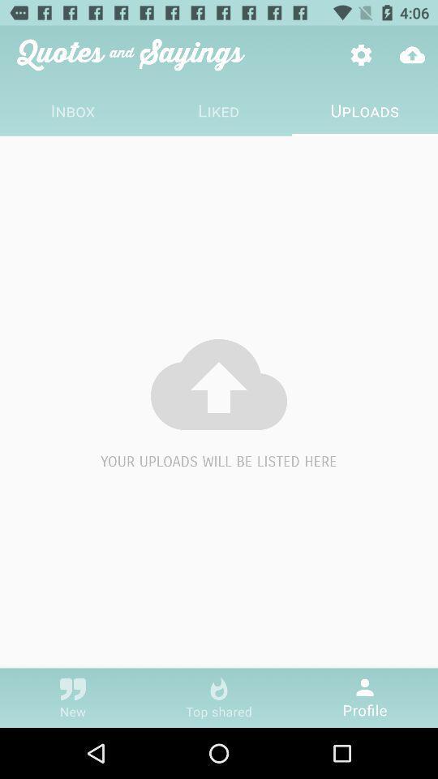 Image resolution: width=438 pixels, height=779 pixels. Describe the element at coordinates (361, 54) in the screenshot. I see `item above uploads` at that location.